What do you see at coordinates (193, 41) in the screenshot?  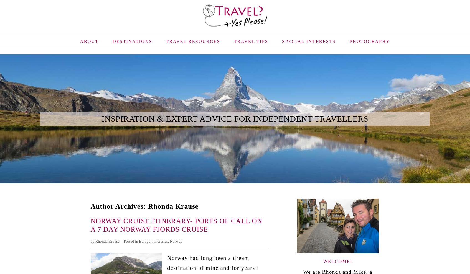 I see `'Travel Resources'` at bounding box center [193, 41].